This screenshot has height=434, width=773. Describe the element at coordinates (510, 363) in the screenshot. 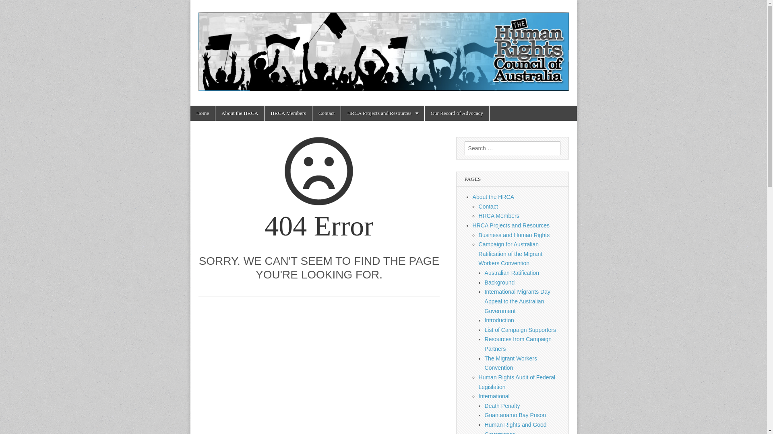

I see `'The Migrant Workers Convention'` at that location.